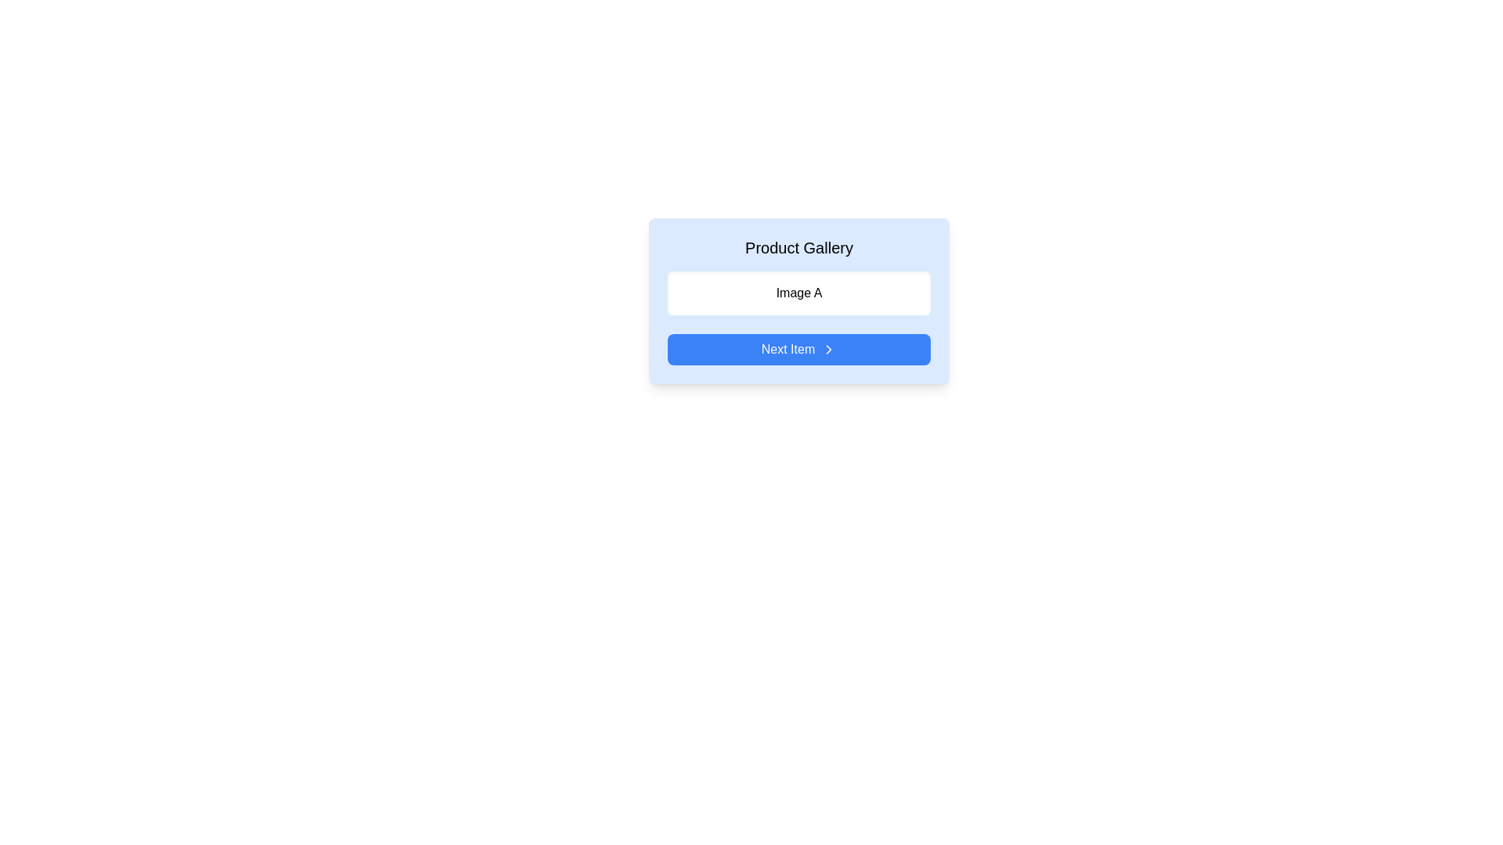 This screenshot has height=845, width=1503. I want to click on the text label that serves as a visual label for 'Image A', located beneath 'Product Gallery' and above the 'Next Item' blue button, so click(799, 293).